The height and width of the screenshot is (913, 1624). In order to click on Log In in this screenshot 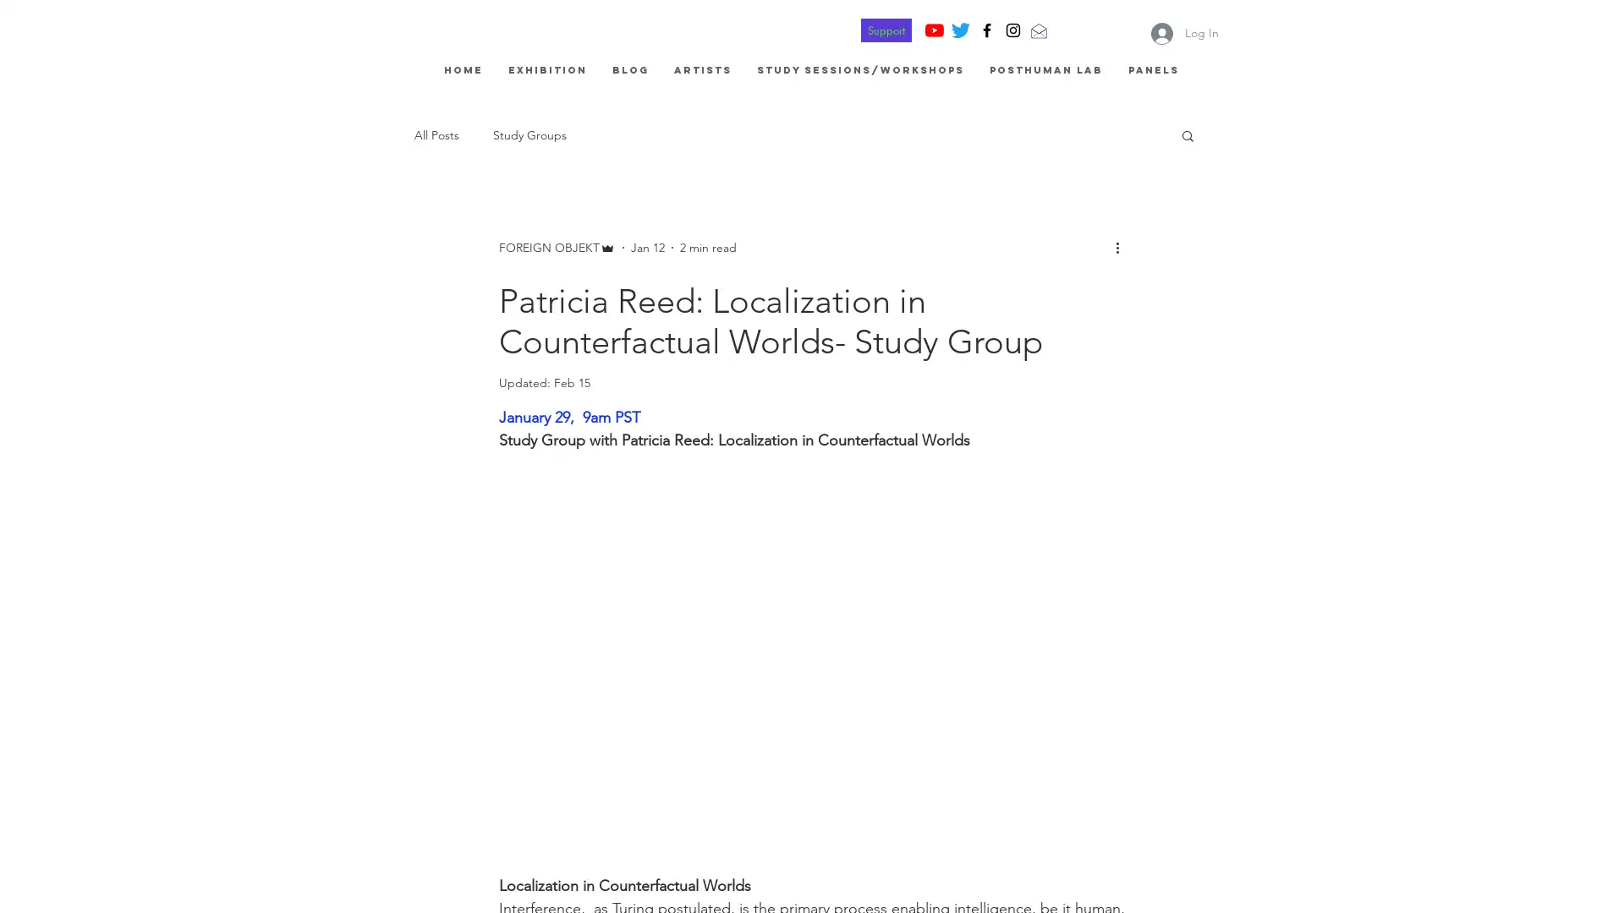, I will do `click(1184, 32)`.